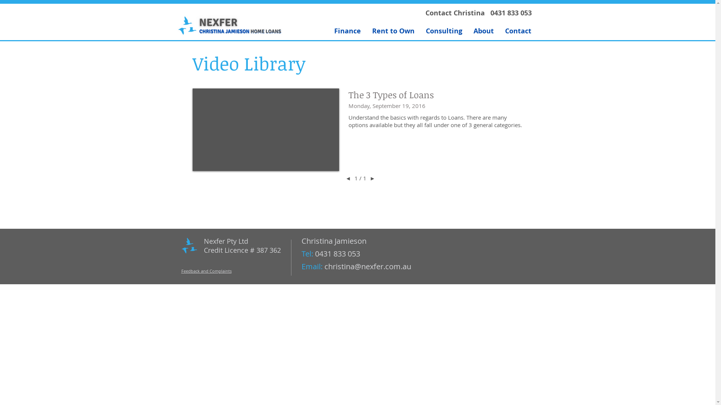 This screenshot has height=405, width=721. What do you see at coordinates (324, 266) in the screenshot?
I see `'christina@nexfer.com.au'` at bounding box center [324, 266].